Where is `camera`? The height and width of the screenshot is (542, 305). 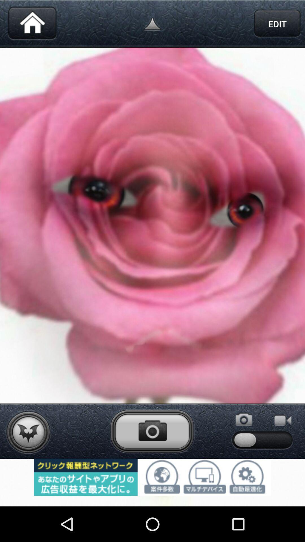 camera is located at coordinates (152, 431).